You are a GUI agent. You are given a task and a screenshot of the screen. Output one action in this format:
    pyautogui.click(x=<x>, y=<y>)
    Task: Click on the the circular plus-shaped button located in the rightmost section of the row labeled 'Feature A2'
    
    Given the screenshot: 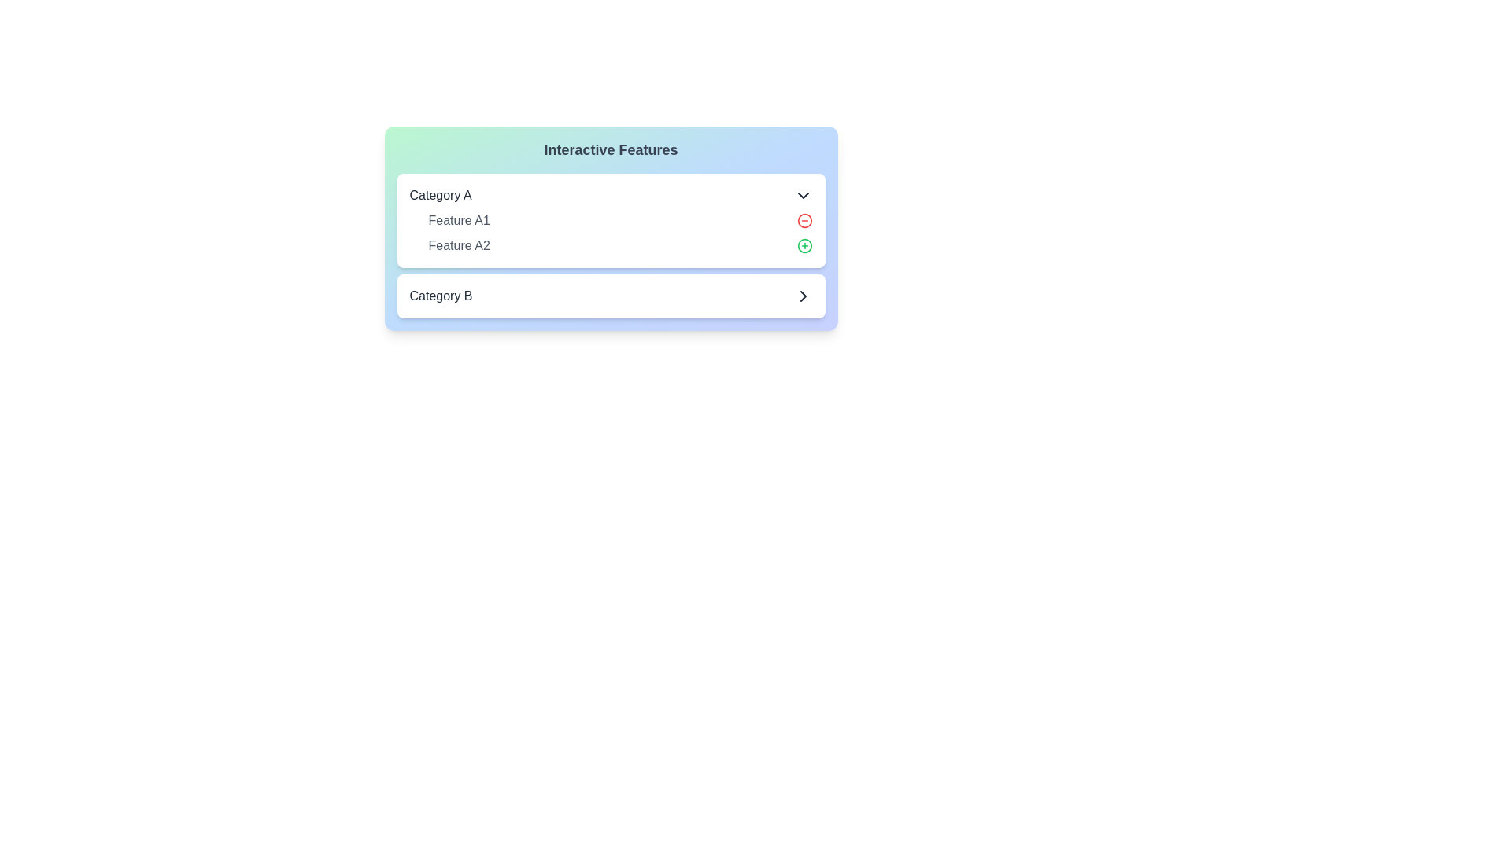 What is the action you would take?
    pyautogui.click(x=804, y=245)
    